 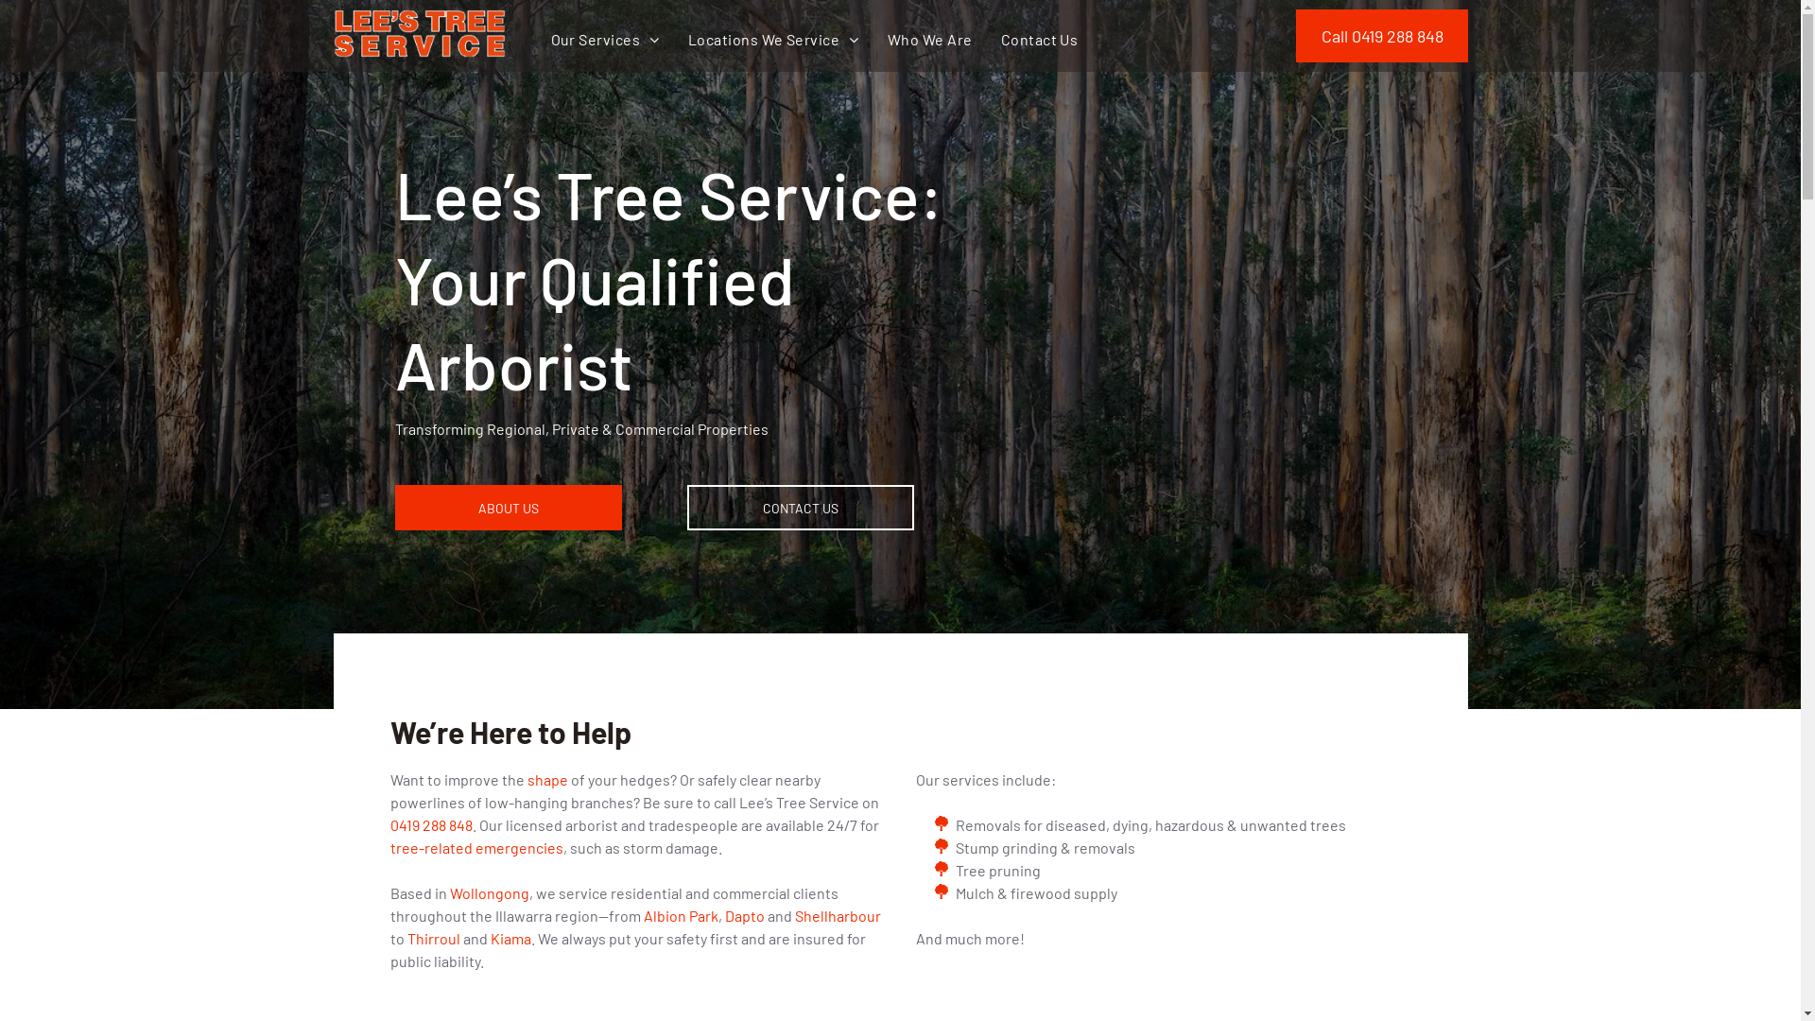 What do you see at coordinates (431, 938) in the screenshot?
I see `'Thirroul'` at bounding box center [431, 938].